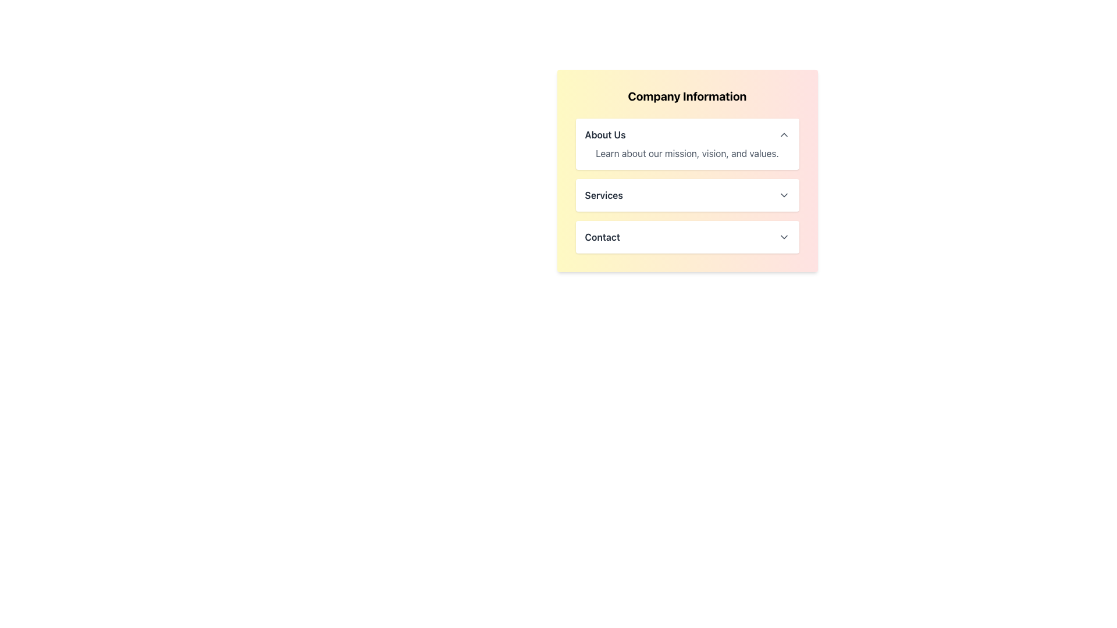 The height and width of the screenshot is (628, 1117). Describe the element at coordinates (604, 194) in the screenshot. I see `the non-interactive text label titled 'Services' located in the second section of the vertical layout under 'Company Information', positioned between 'About Us' and 'Contact'` at that location.